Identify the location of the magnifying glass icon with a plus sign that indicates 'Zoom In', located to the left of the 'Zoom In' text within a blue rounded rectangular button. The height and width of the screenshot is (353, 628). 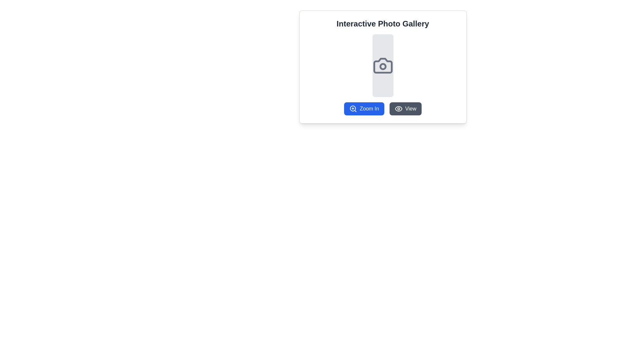
(353, 108).